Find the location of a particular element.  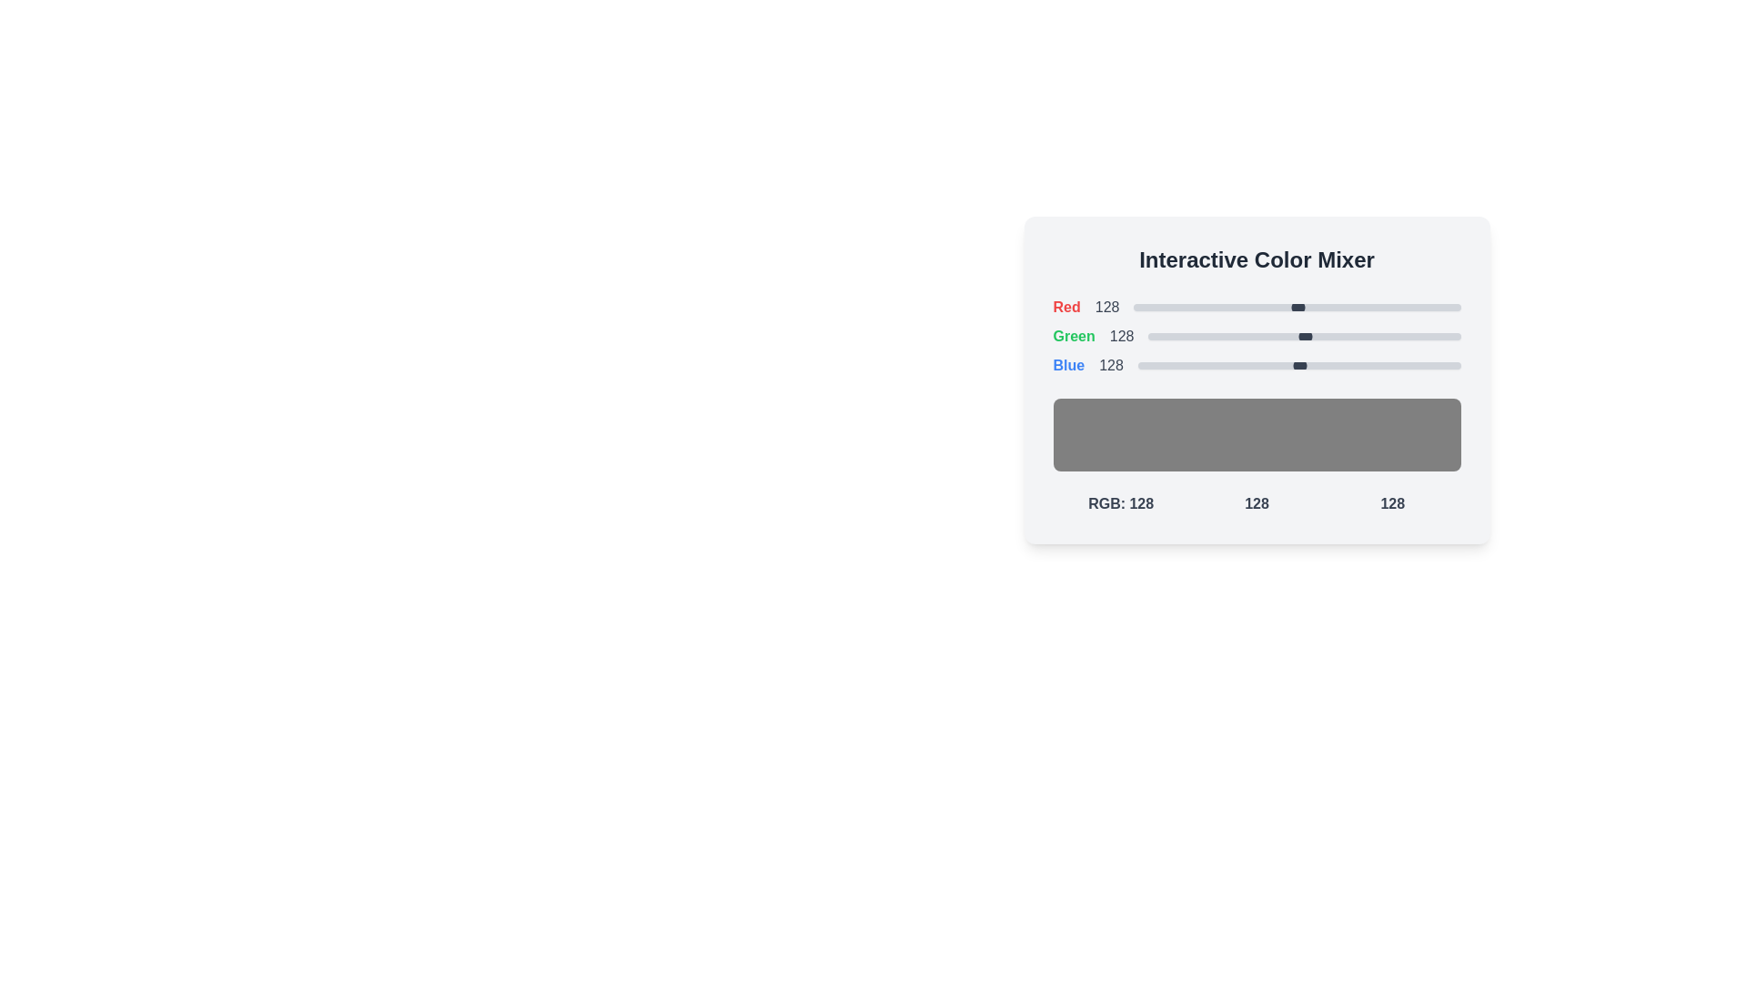

the numeric text label '128' that is styled in medium weight, gray color, positioned to the right of the label 'Blue' in the Interactive Color Mixer component is located at coordinates (1110, 365).